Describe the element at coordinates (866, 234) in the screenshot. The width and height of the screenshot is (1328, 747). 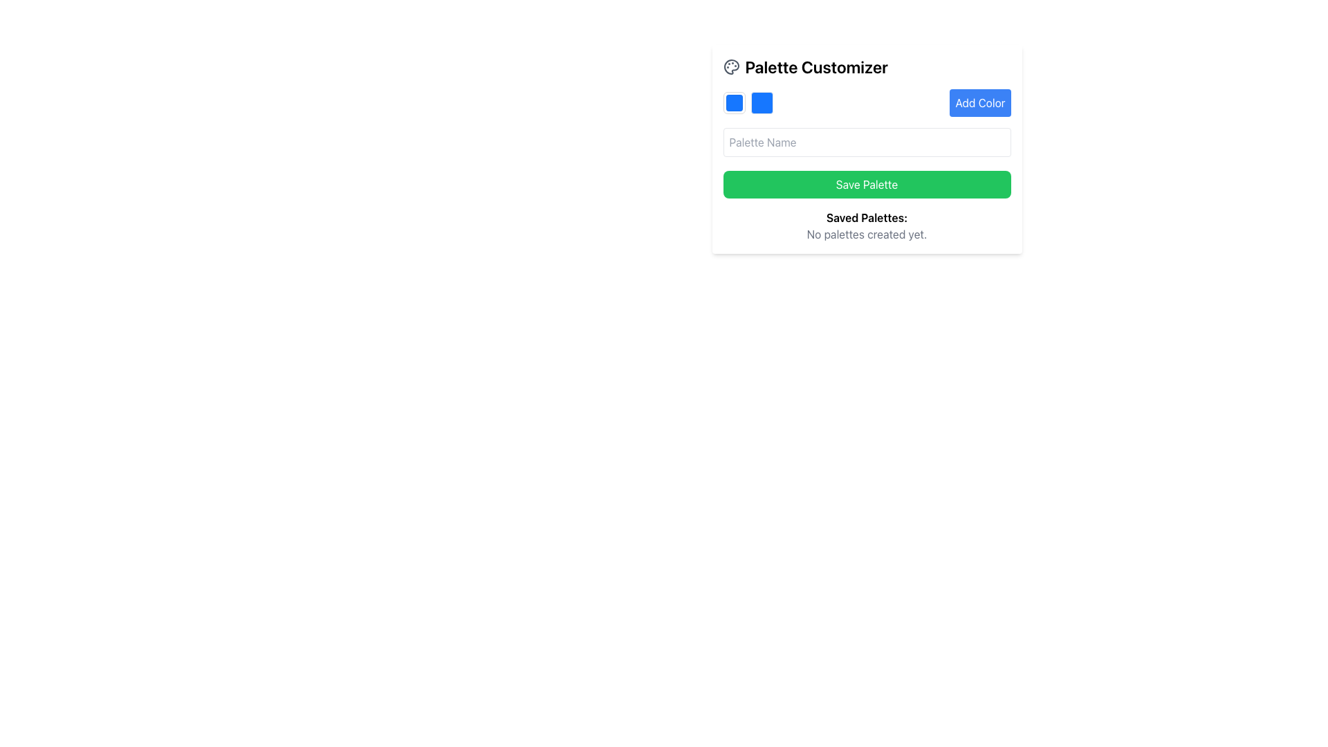
I see `the static text element displaying 'No palettes created yet.' which is styled in gray and positioned below the 'Saved Palettes:' header` at that location.